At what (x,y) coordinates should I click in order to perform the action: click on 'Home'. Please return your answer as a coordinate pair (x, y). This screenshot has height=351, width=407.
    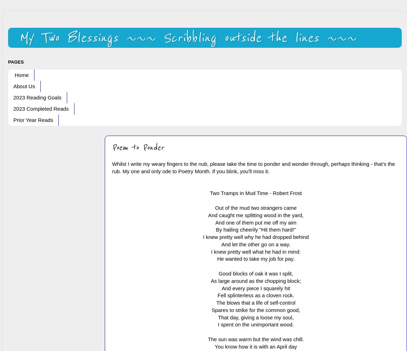
    Looking at the image, I should click on (21, 74).